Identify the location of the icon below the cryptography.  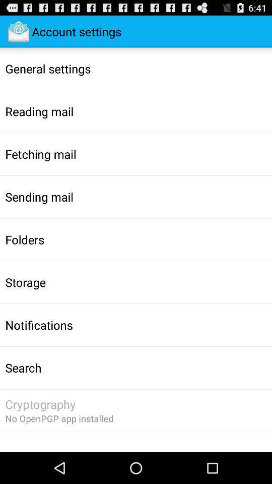
(59, 418).